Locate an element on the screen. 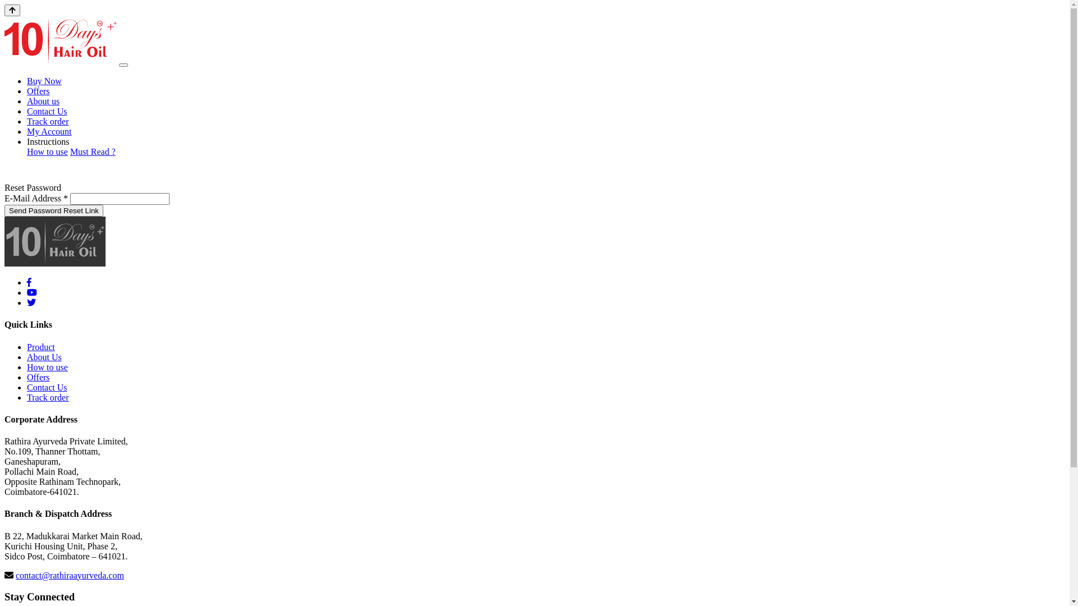 This screenshot has width=1078, height=606. 'My Account' is located at coordinates (48, 131).